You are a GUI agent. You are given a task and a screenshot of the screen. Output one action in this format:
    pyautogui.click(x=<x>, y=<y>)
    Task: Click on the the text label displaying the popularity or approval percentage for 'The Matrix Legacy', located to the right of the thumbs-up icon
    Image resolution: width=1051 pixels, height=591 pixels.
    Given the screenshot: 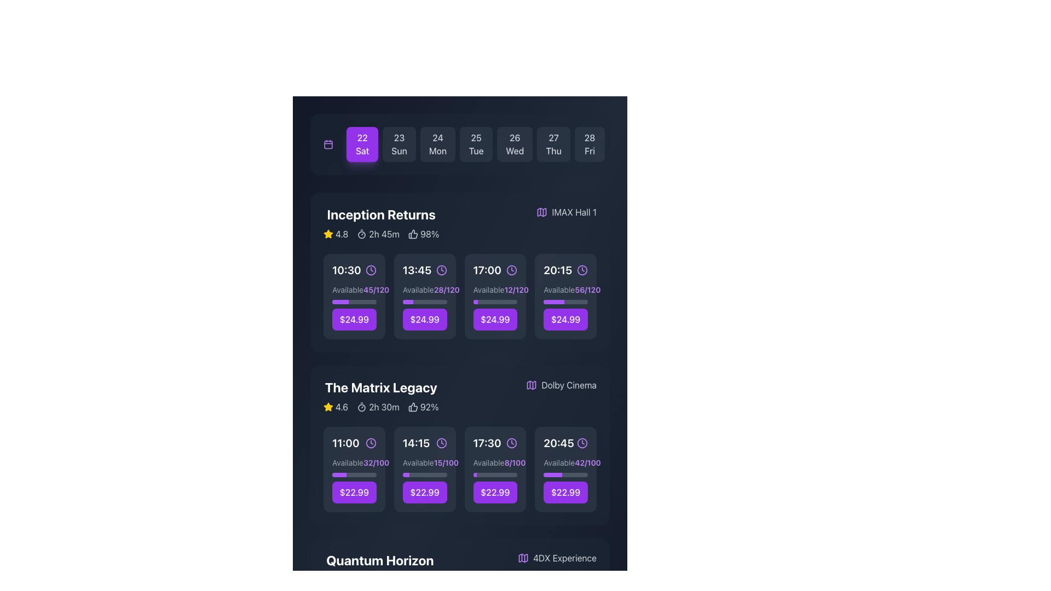 What is the action you would take?
    pyautogui.click(x=429, y=407)
    